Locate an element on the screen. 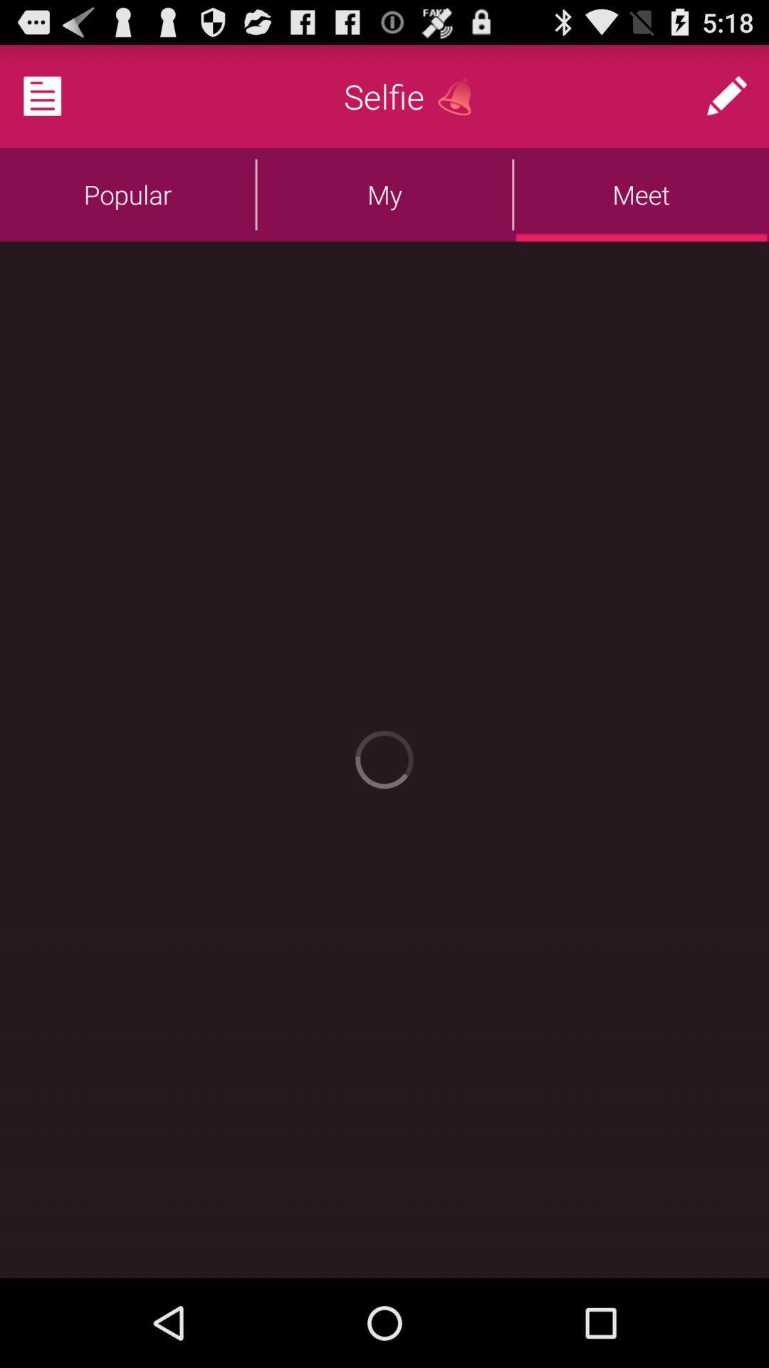  write option is located at coordinates (726, 95).